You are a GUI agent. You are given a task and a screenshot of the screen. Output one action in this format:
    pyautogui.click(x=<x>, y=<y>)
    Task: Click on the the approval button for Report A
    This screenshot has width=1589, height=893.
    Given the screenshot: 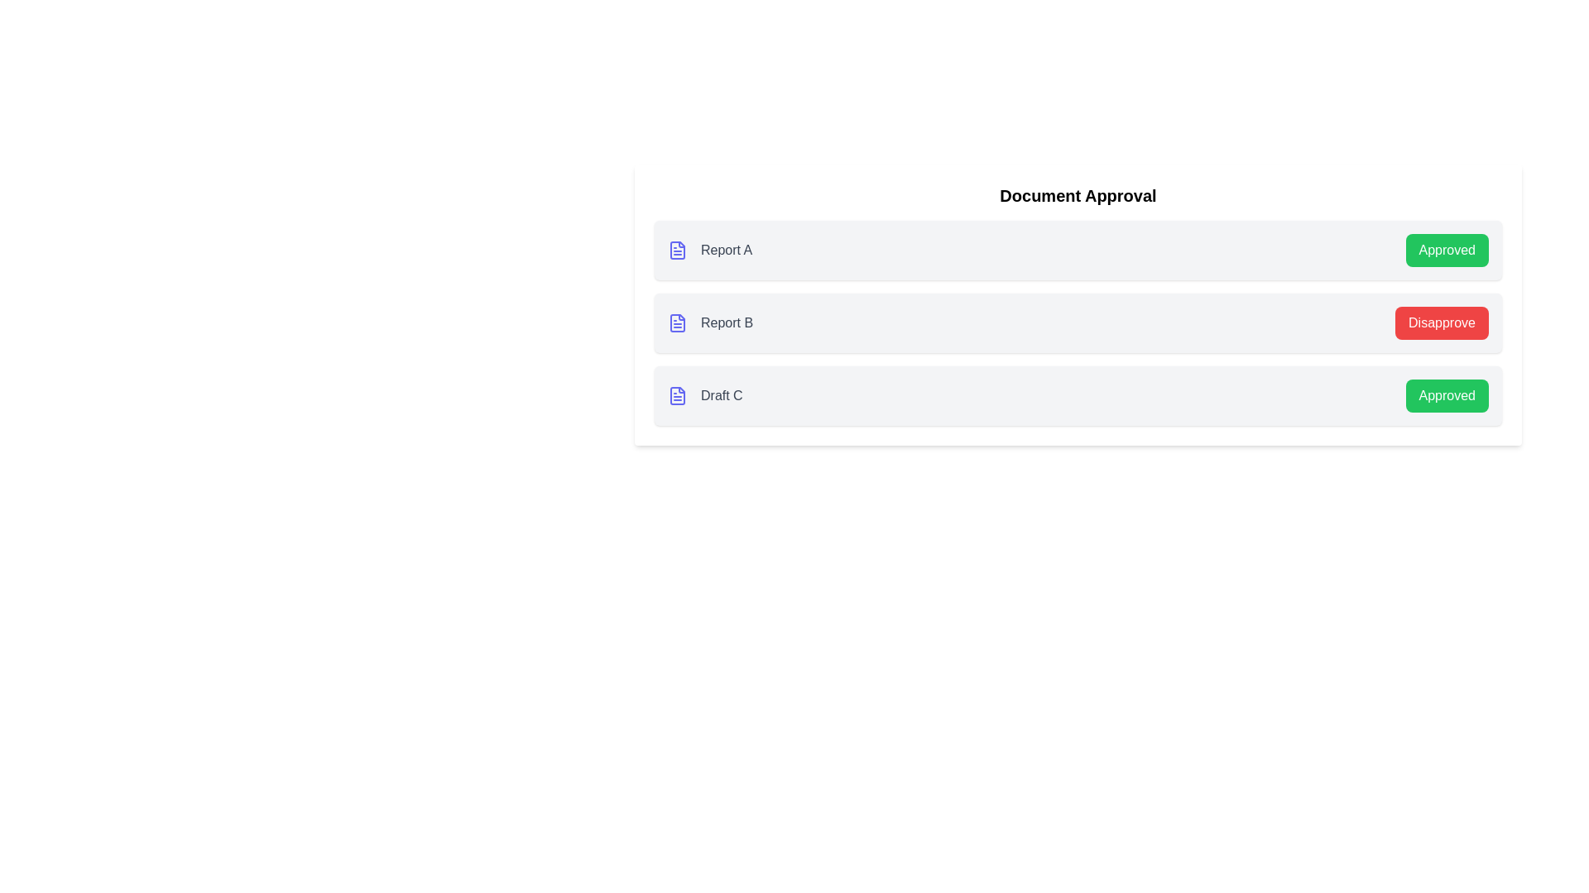 What is the action you would take?
    pyautogui.click(x=1446, y=251)
    